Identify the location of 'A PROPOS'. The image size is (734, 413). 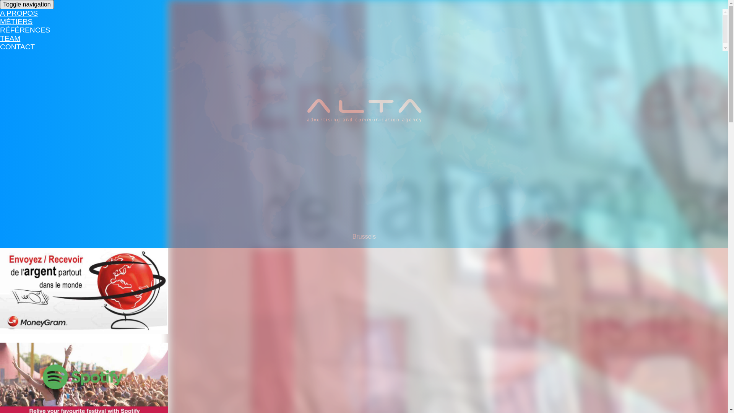
(19, 15).